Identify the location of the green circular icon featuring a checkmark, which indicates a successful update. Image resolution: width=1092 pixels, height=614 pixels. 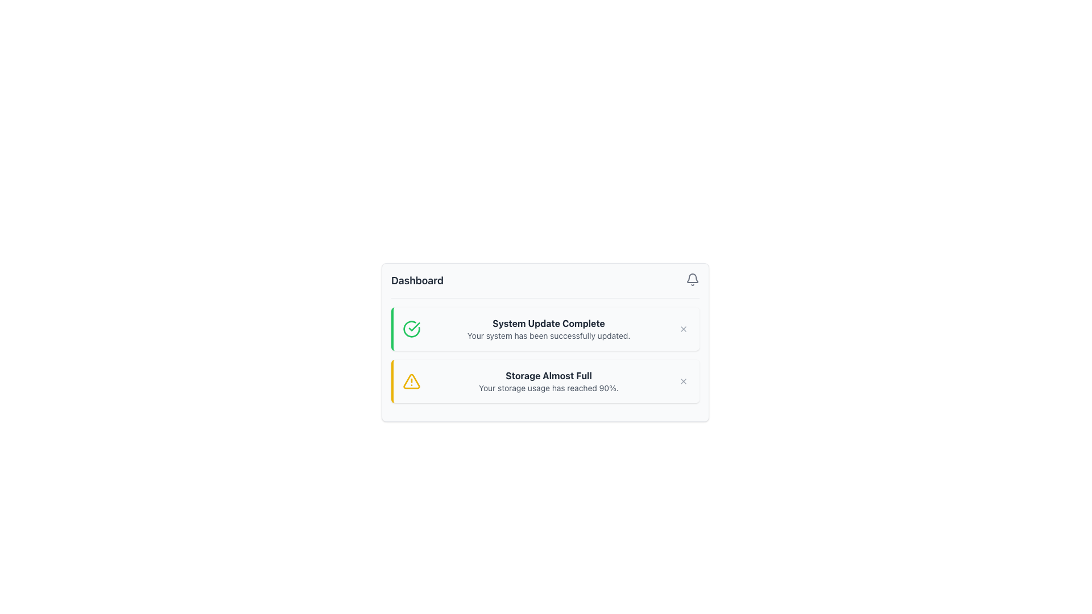
(411, 329).